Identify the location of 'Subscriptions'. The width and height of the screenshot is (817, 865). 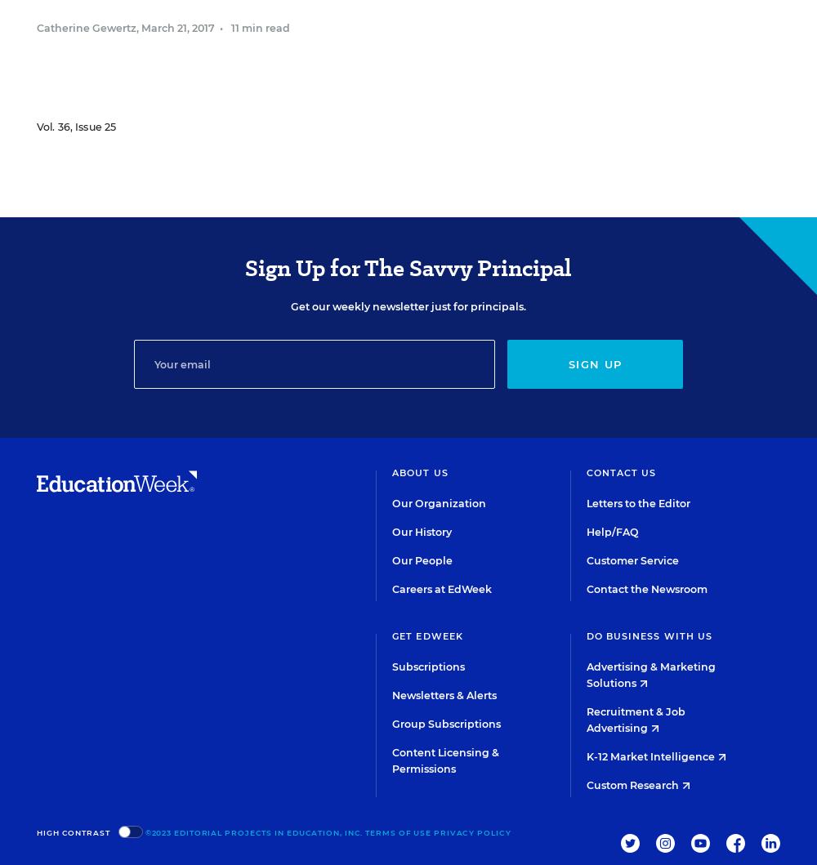
(428, 666).